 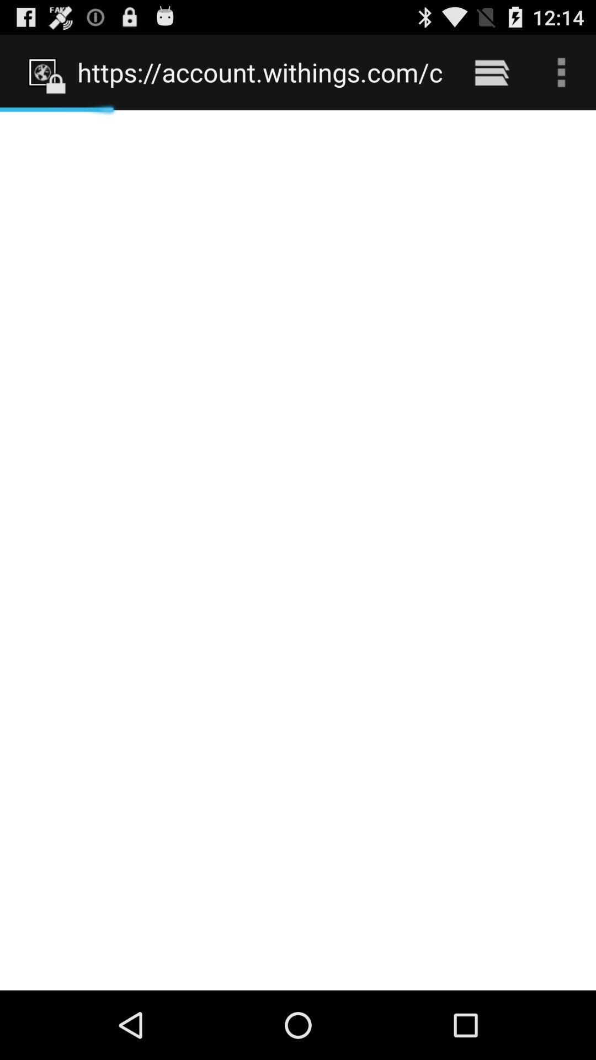 What do you see at coordinates (491, 72) in the screenshot?
I see `the icon next to the https account withings icon` at bounding box center [491, 72].